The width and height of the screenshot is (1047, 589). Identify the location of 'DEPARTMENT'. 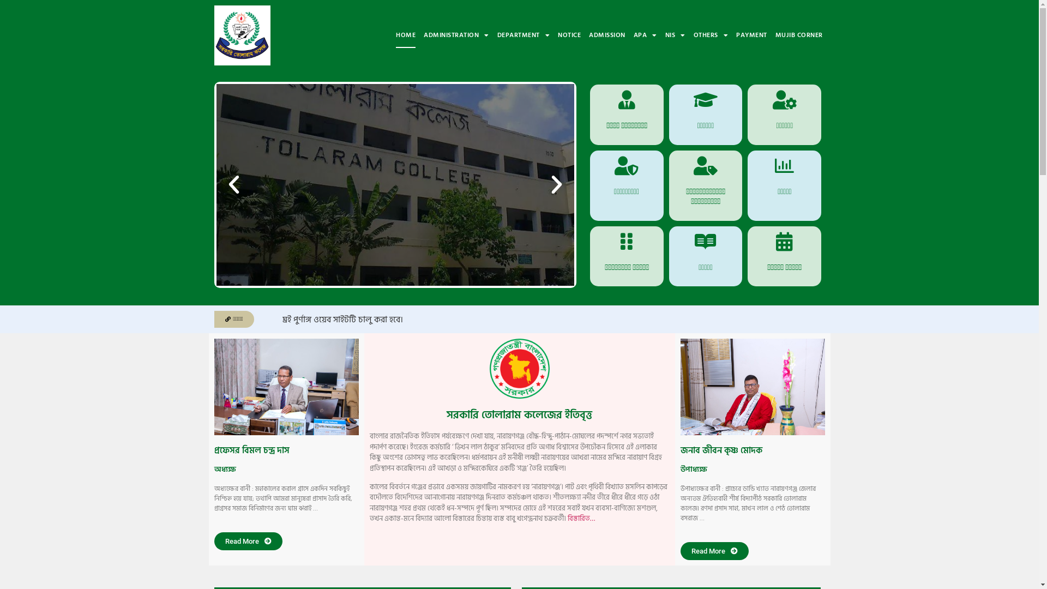
(523, 35).